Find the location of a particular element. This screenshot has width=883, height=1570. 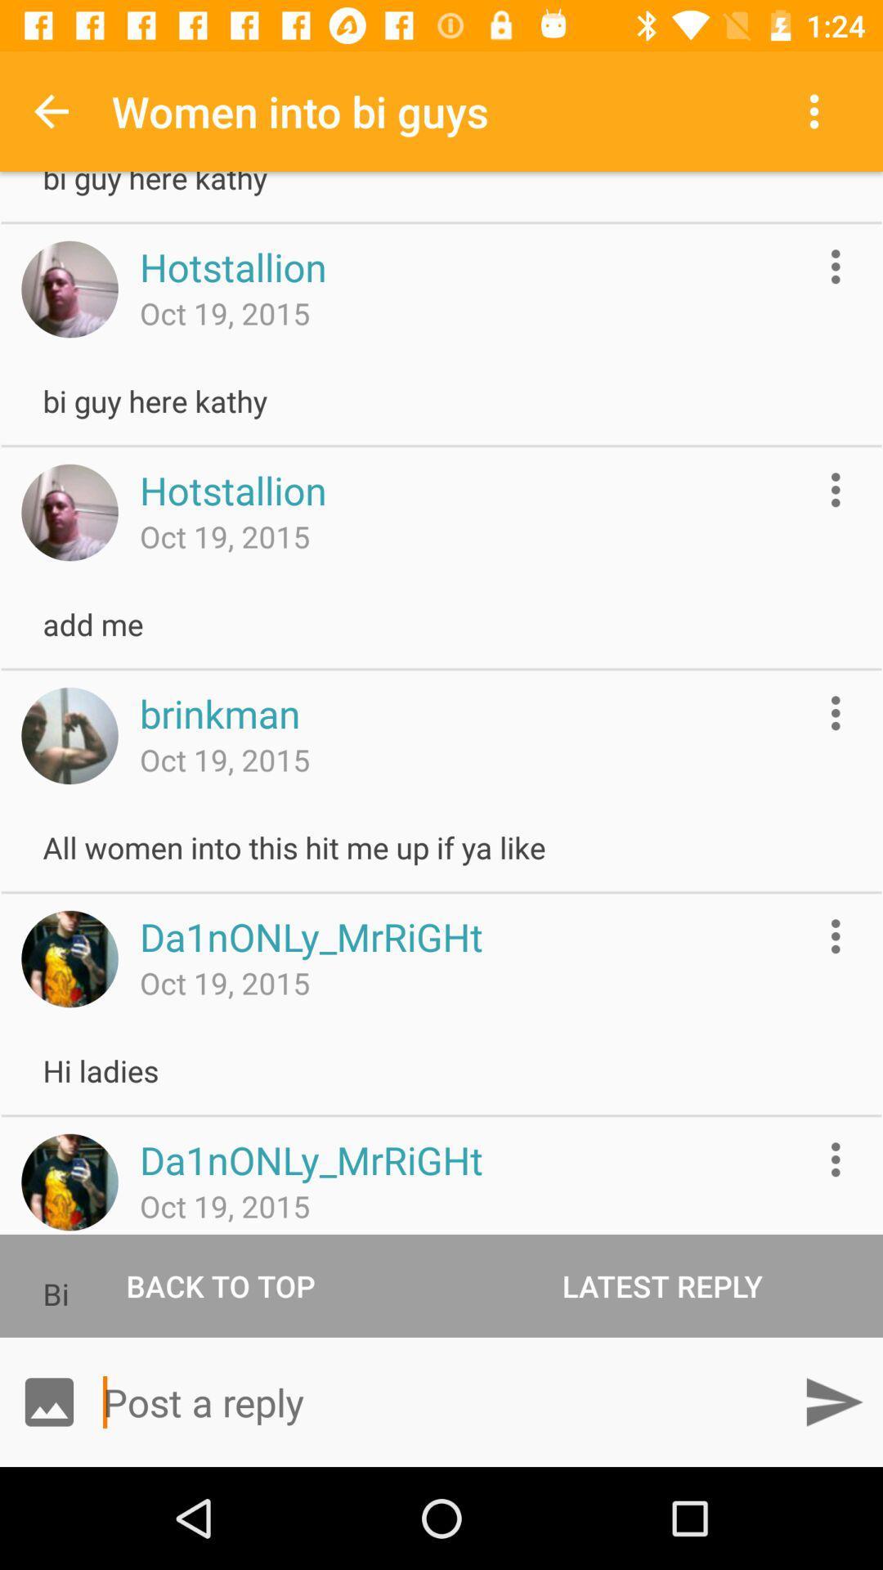

icon next to women into bi app is located at coordinates (818, 110).